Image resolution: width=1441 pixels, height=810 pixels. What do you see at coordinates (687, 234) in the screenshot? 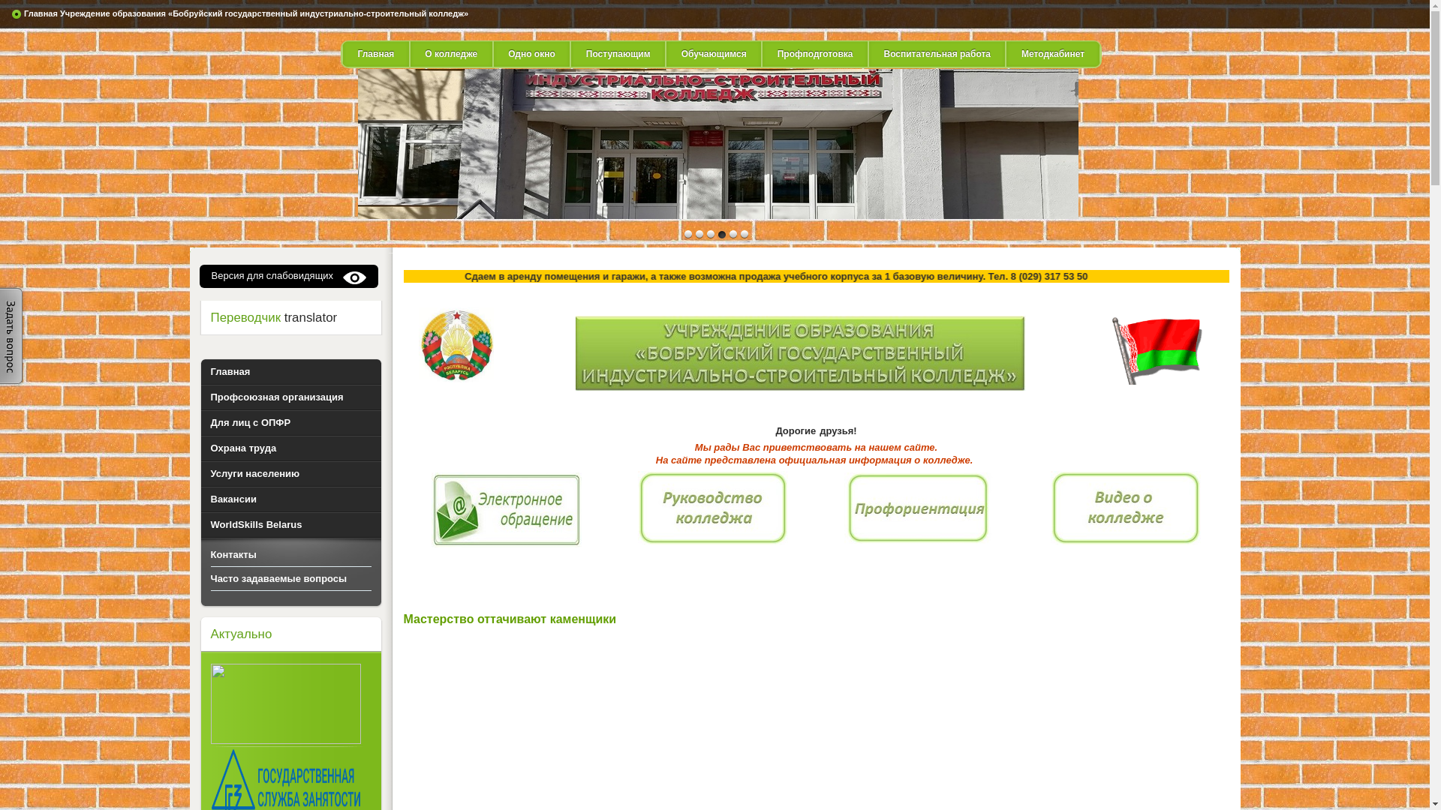
I see `'0'` at bounding box center [687, 234].